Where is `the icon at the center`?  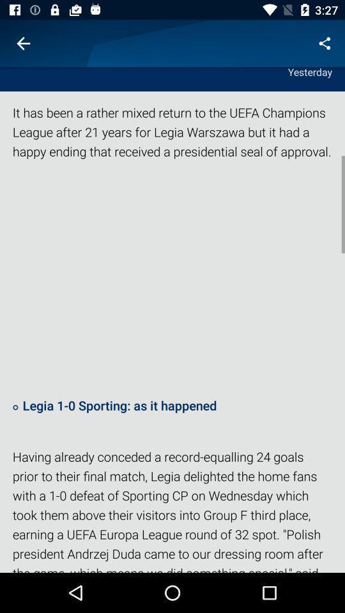 the icon at the center is located at coordinates (172, 278).